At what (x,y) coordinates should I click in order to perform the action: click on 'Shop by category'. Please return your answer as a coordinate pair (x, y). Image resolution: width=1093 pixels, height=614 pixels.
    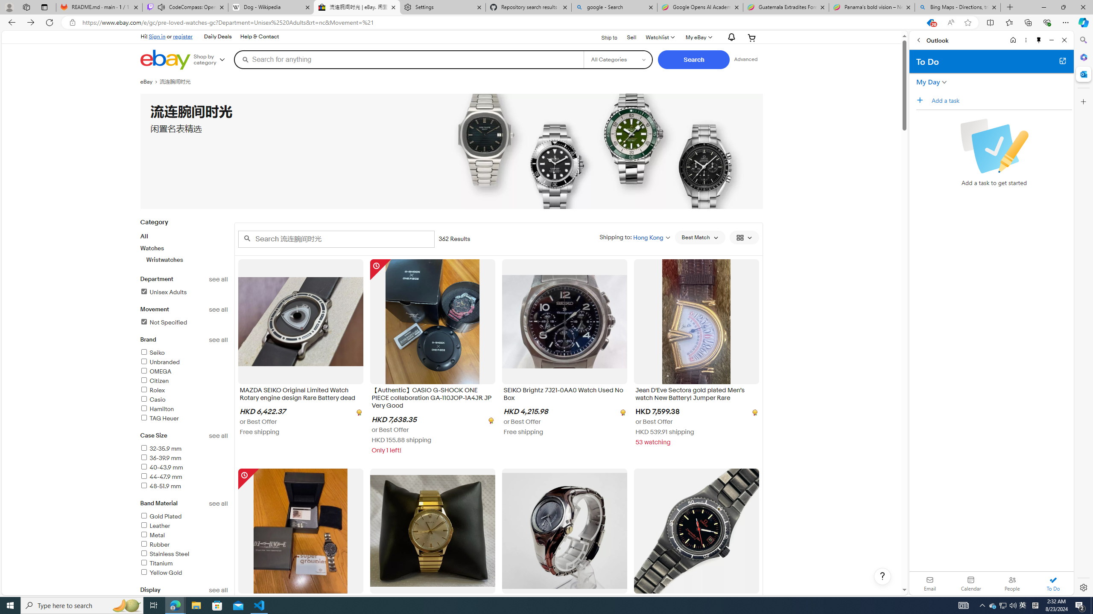
    Looking at the image, I should click on (212, 59).